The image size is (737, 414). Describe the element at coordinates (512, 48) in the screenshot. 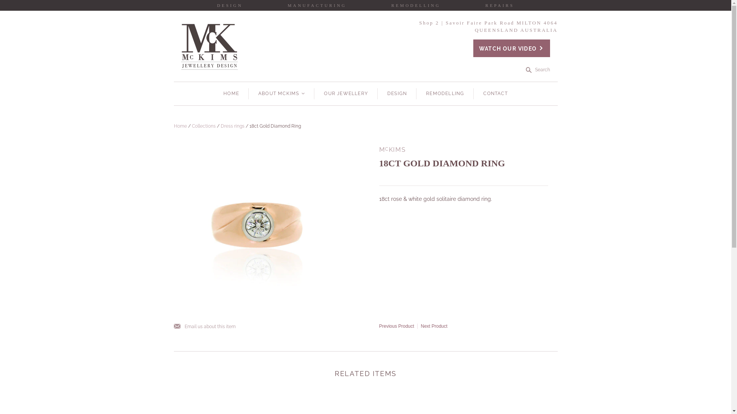

I see `'WATCH OUR VIDEO >'` at that location.